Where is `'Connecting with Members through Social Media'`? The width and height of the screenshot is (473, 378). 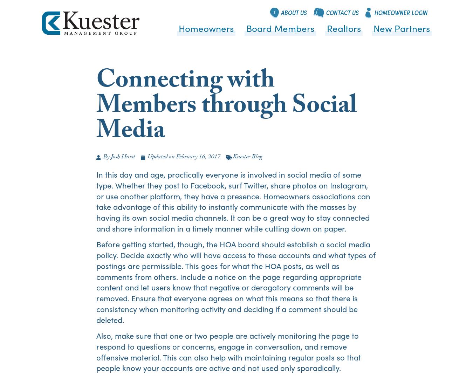
'Connecting with Members through Social Media' is located at coordinates (227, 107).